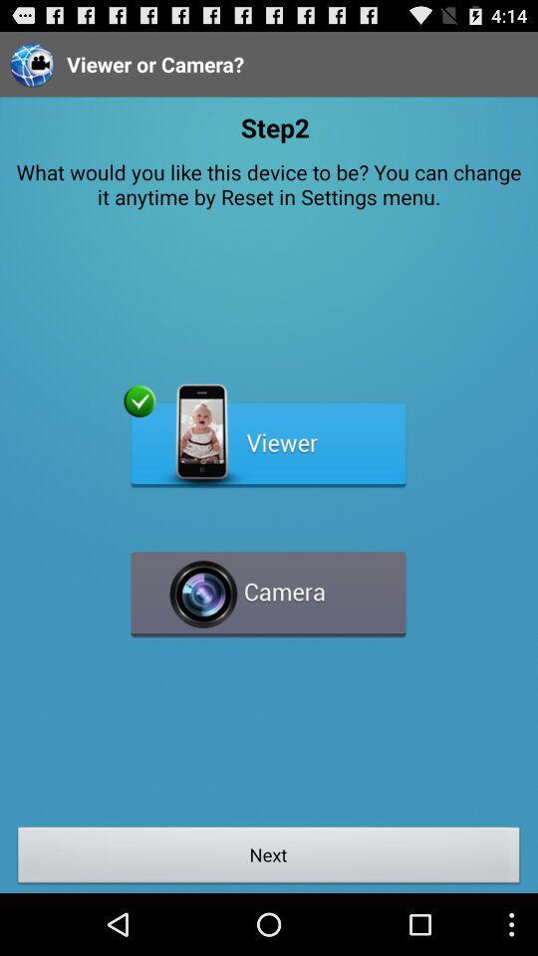  What do you see at coordinates (269, 856) in the screenshot?
I see `the next` at bounding box center [269, 856].